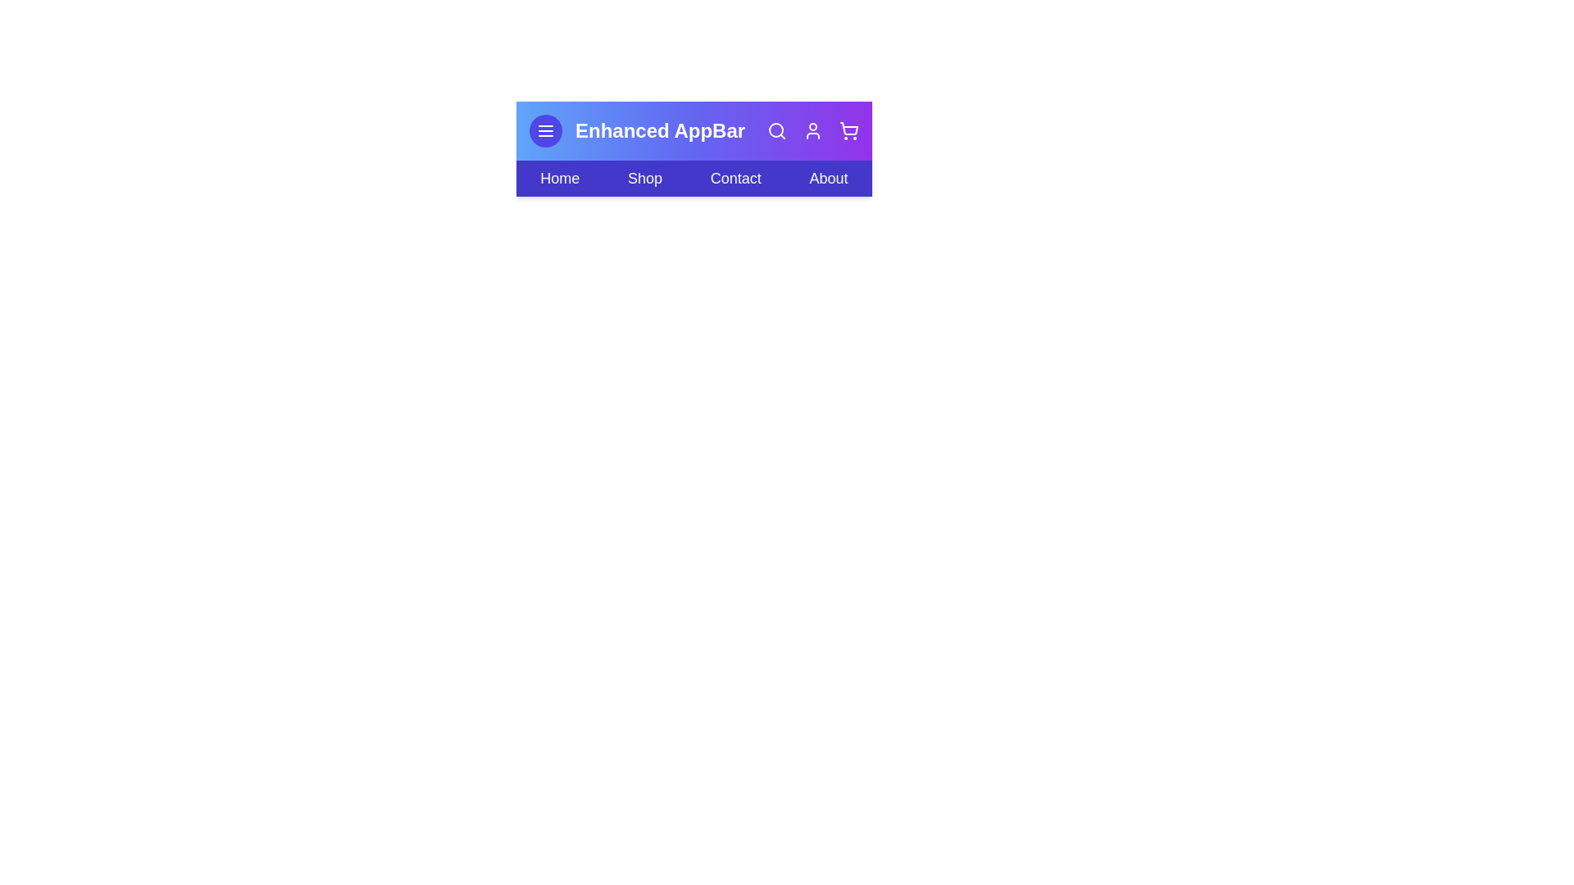 This screenshot has height=885, width=1574. I want to click on the interactive element Home Link to observe its hover effect, so click(559, 179).